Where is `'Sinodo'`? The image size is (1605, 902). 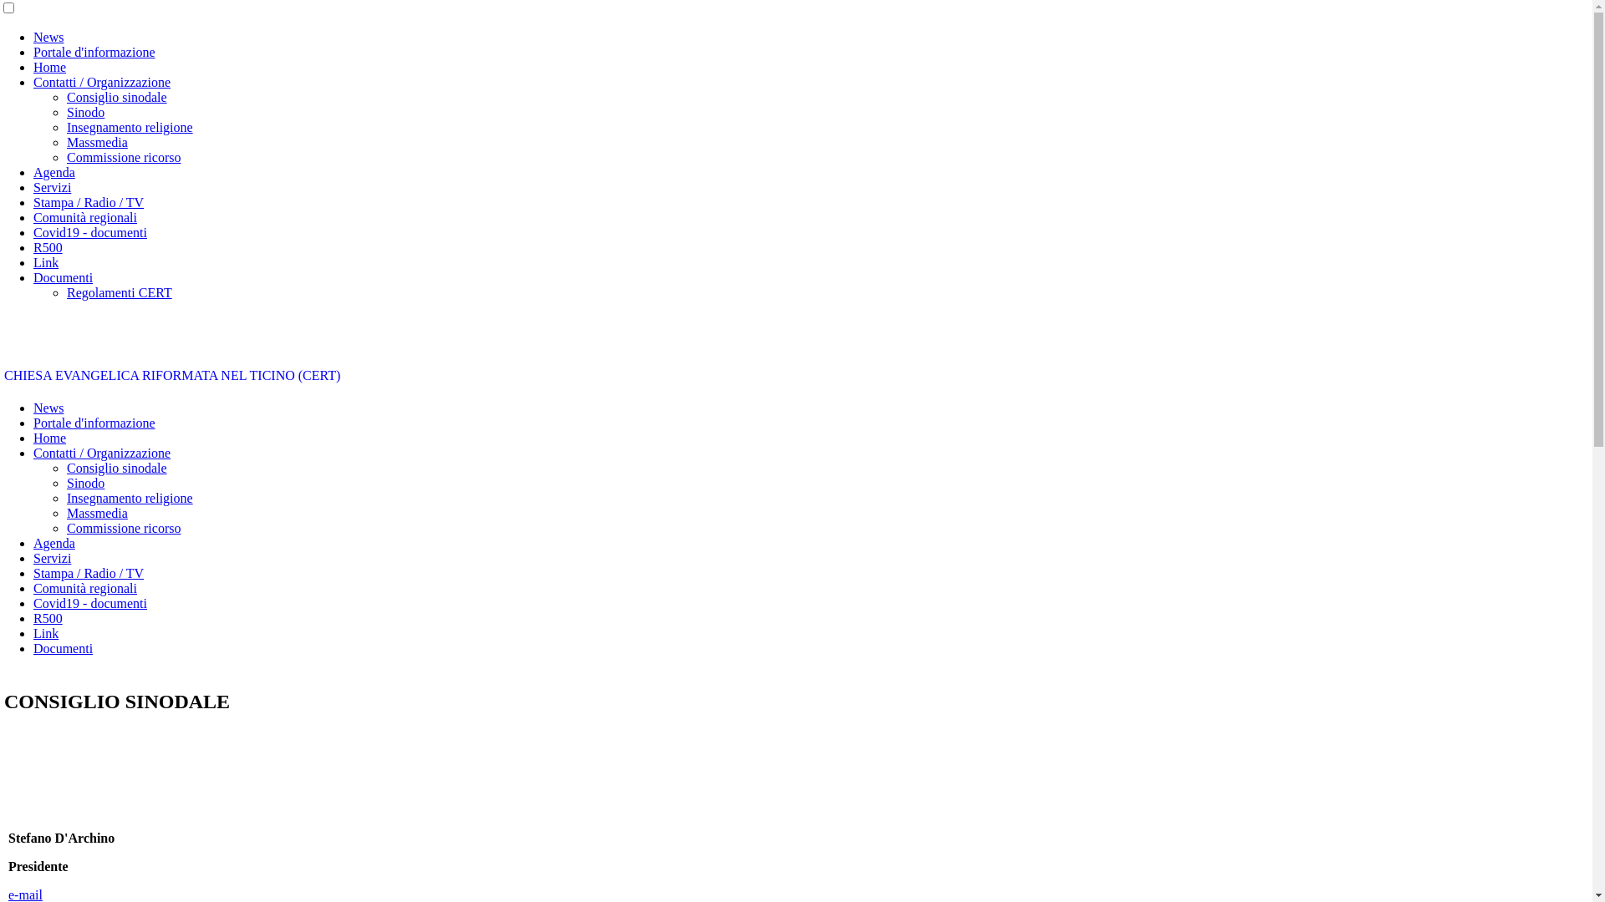 'Sinodo' is located at coordinates (84, 112).